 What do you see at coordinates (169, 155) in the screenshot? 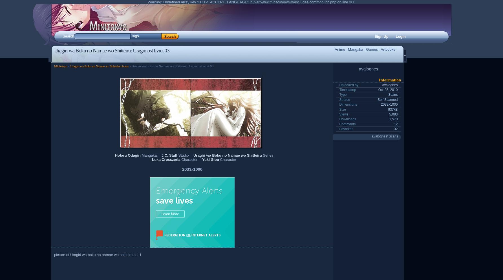
I see `'J.C. Staff'` at bounding box center [169, 155].